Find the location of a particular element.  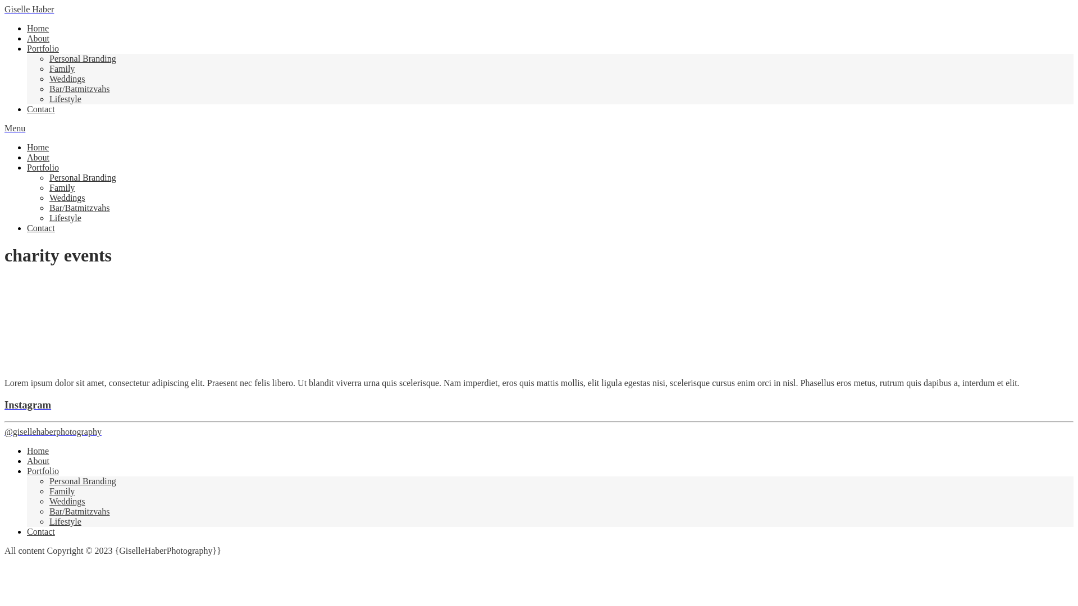

'Home' is located at coordinates (38, 450).